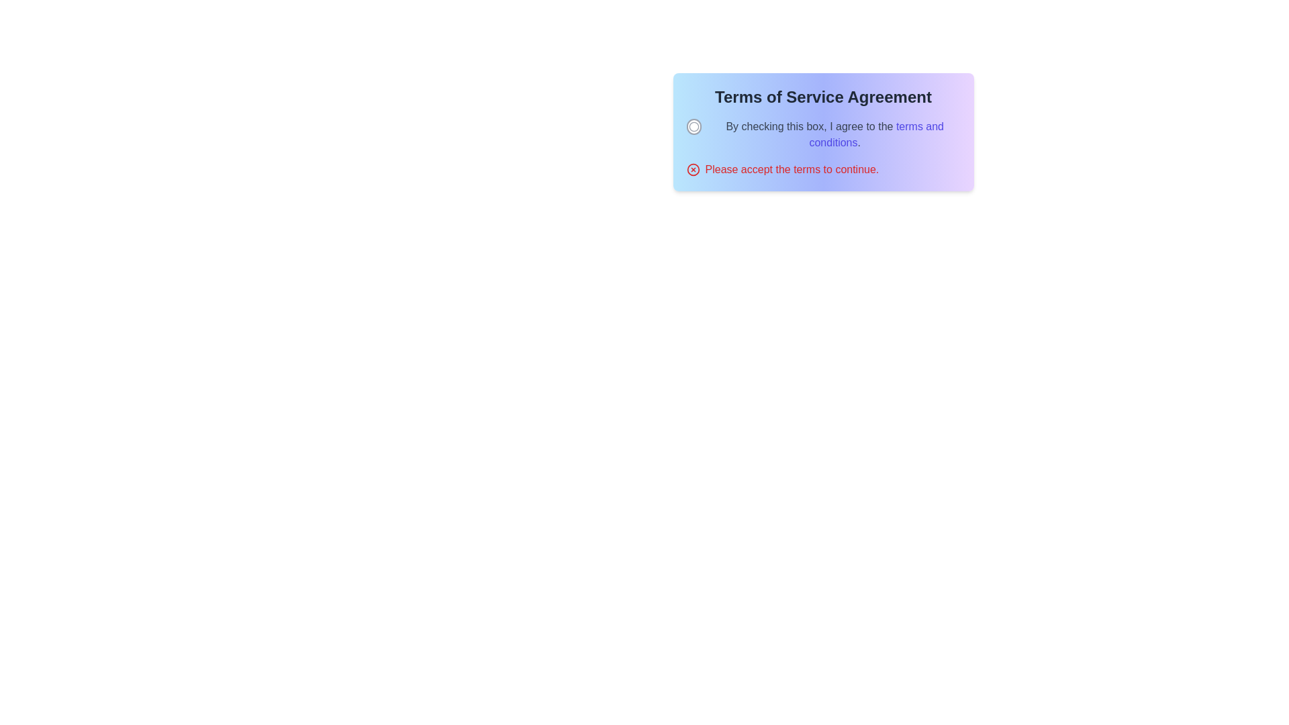  Describe the element at coordinates (694, 127) in the screenshot. I see `the circle icon element that is part of an SVG, styled with a neutral gray color and moderate stroke width, located within a modal component` at that location.